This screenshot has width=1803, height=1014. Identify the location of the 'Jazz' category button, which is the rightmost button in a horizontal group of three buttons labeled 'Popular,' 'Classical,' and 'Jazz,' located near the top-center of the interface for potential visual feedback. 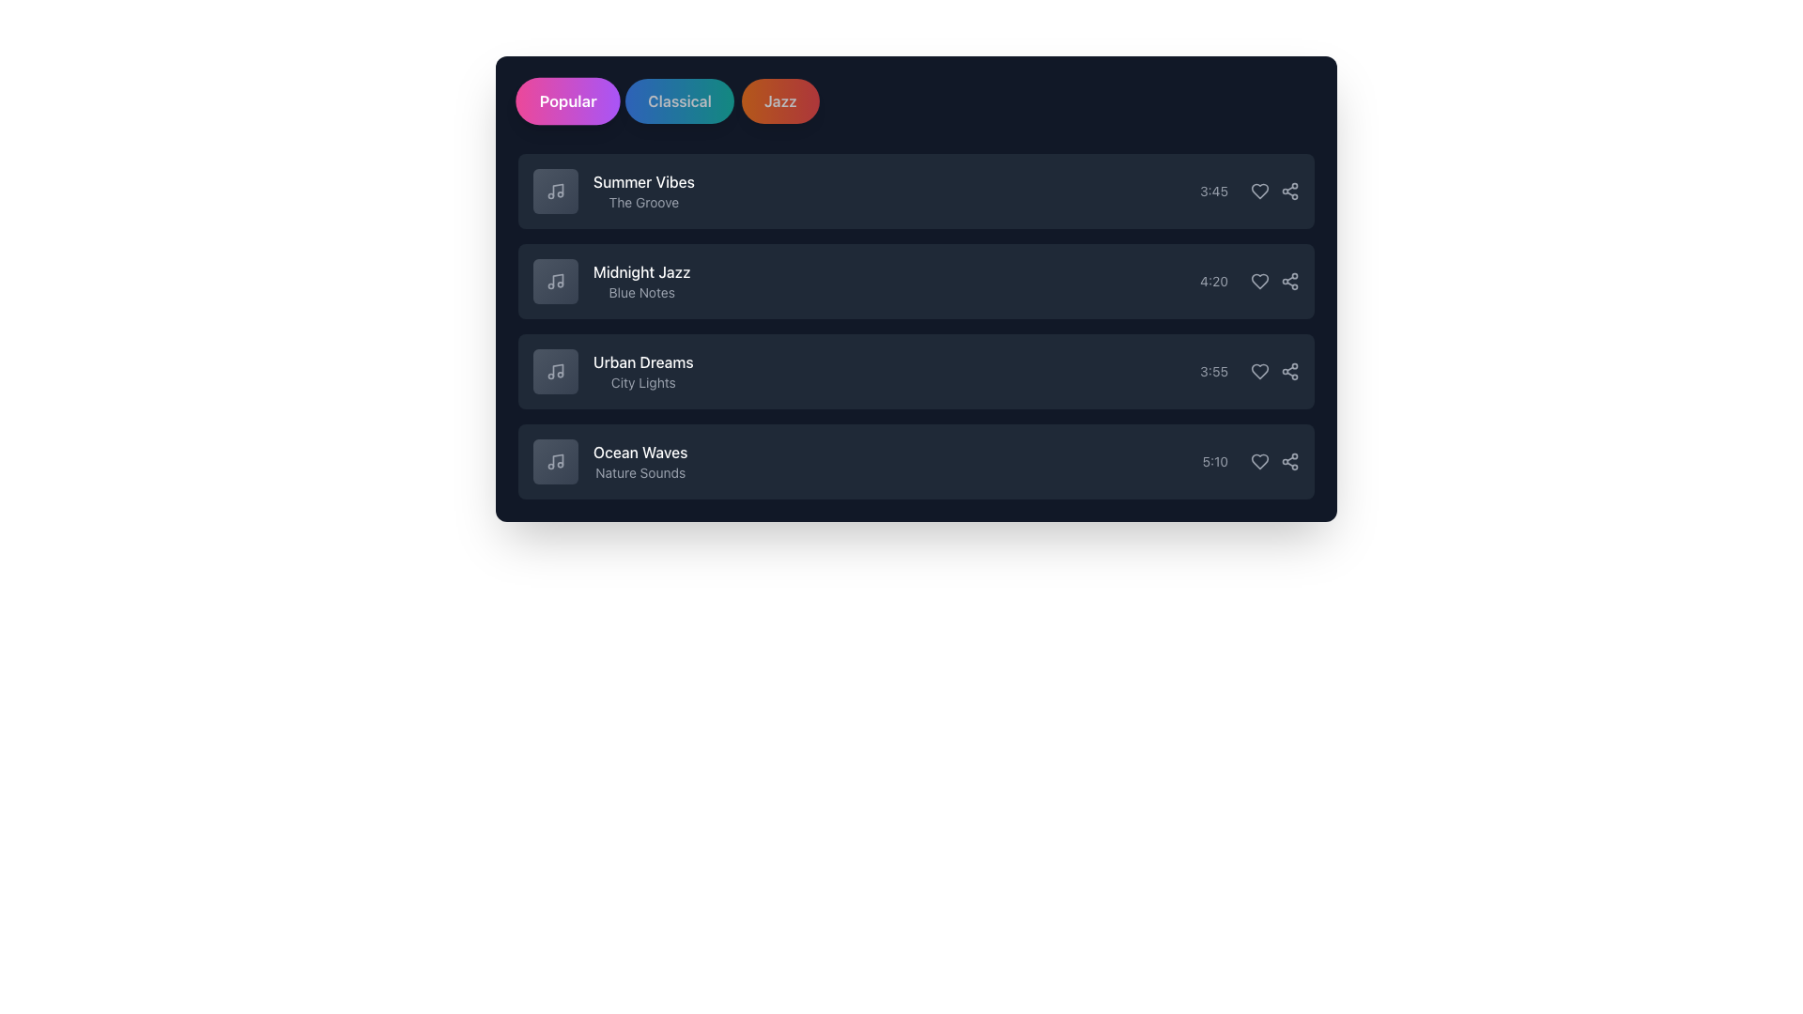
(780, 101).